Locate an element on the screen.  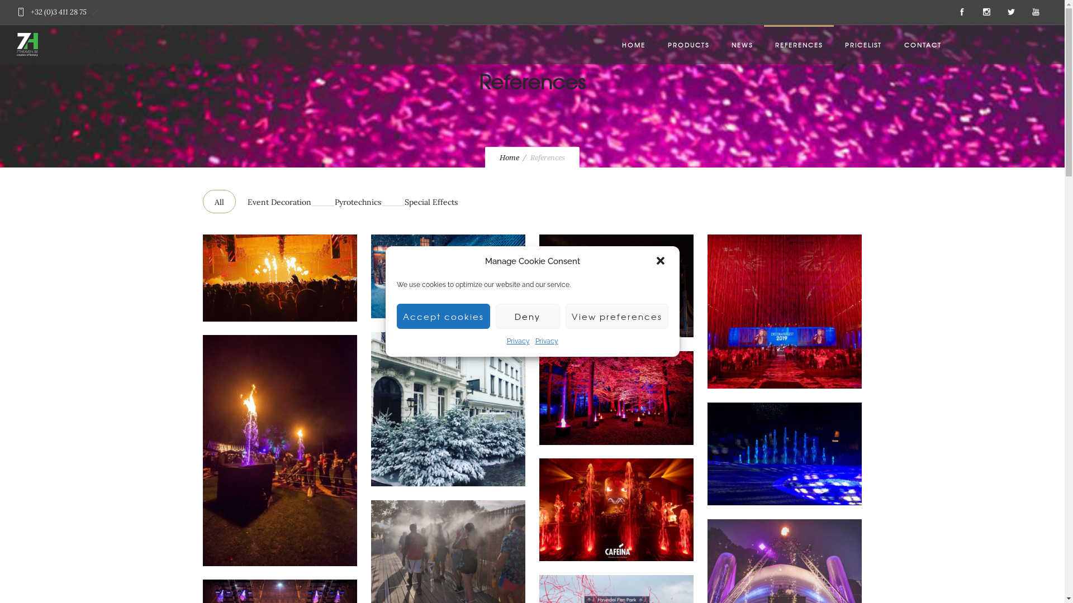
'All' is located at coordinates (219, 202).